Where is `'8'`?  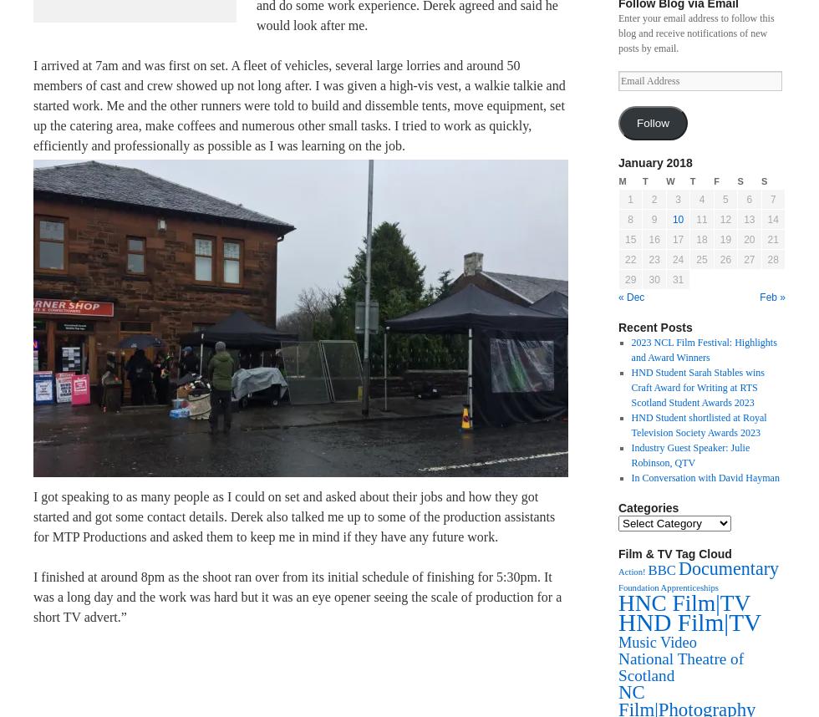 '8' is located at coordinates (627, 219).